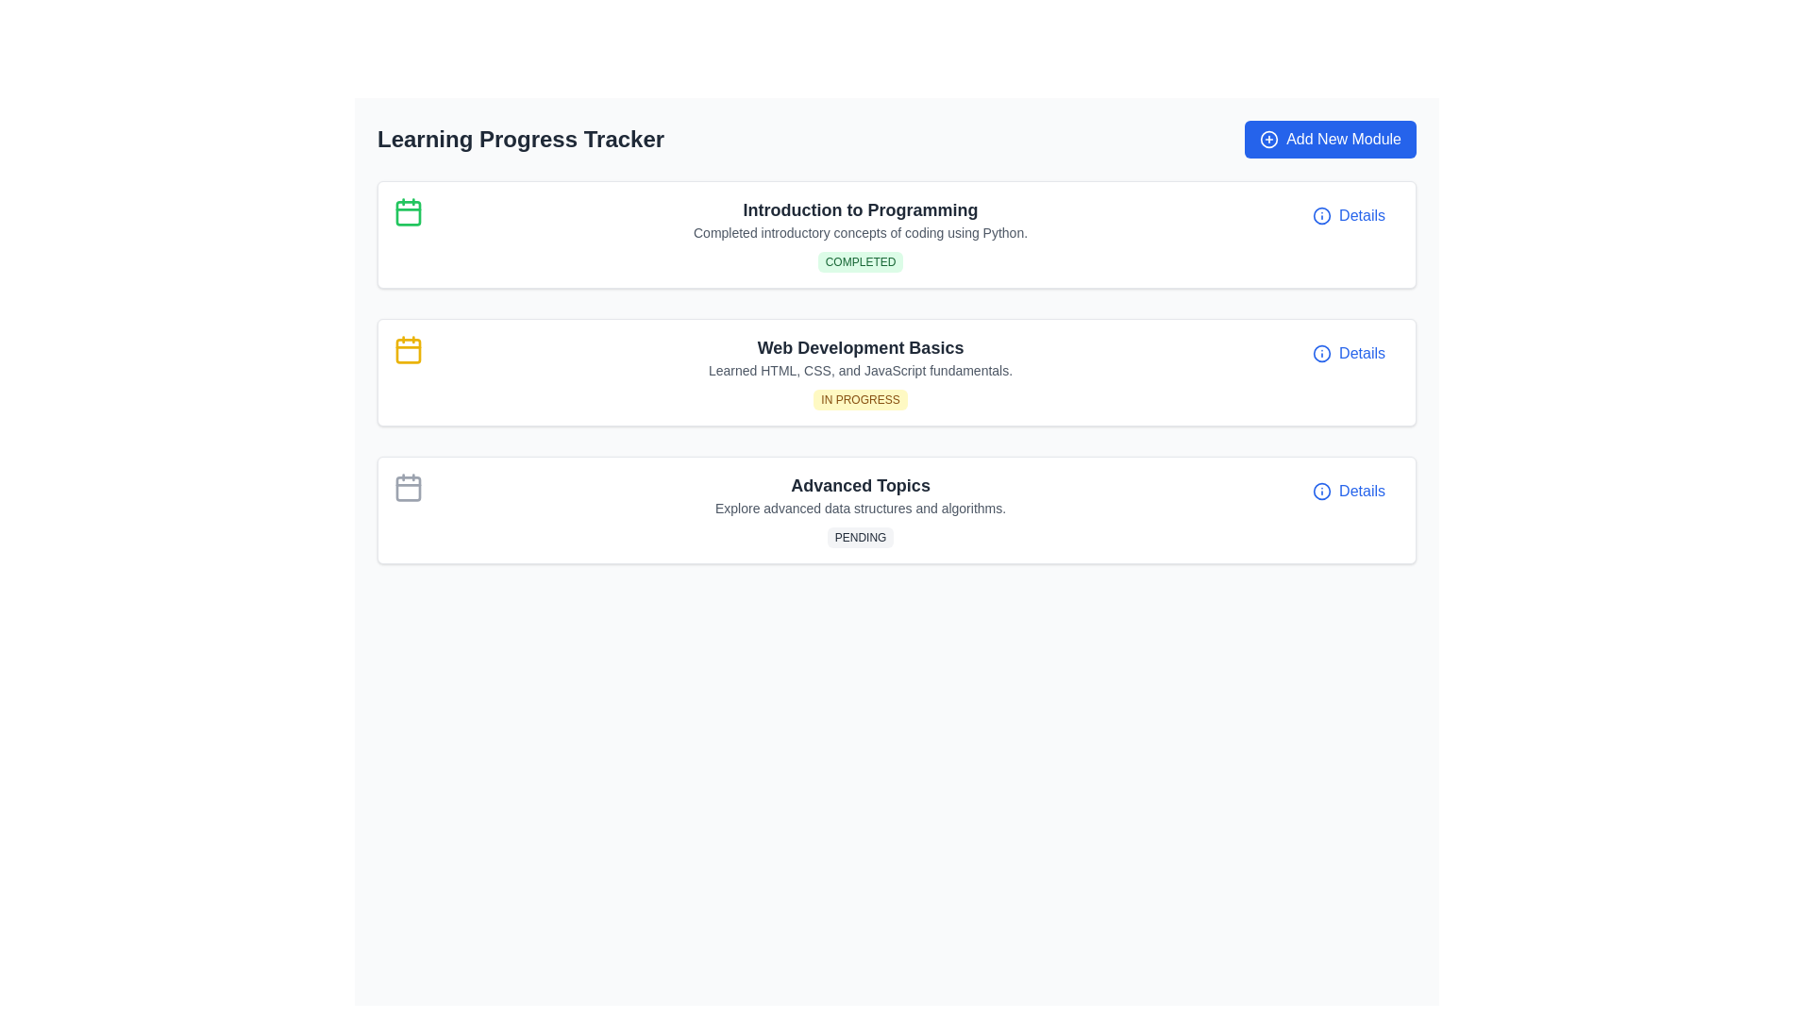  Describe the element at coordinates (1321, 214) in the screenshot. I see `the icon located to the left of the 'Details' label, which provides more information about the related module` at that location.